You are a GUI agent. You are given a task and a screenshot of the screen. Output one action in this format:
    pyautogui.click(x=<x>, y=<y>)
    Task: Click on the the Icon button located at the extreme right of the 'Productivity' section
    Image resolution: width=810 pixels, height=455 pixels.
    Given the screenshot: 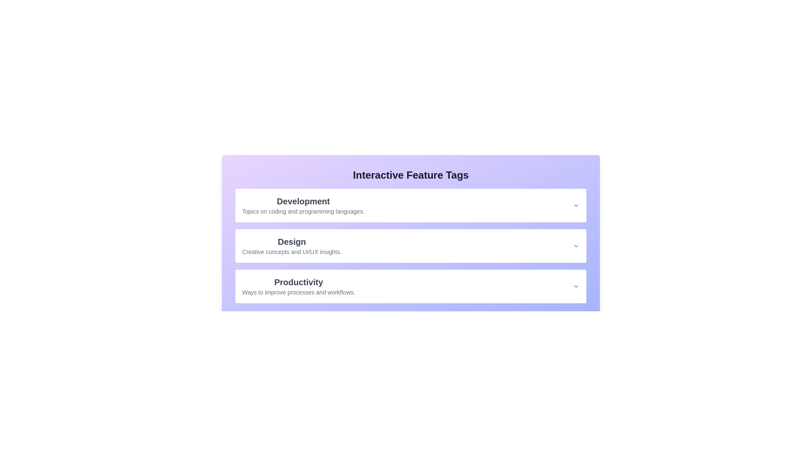 What is the action you would take?
    pyautogui.click(x=576, y=286)
    